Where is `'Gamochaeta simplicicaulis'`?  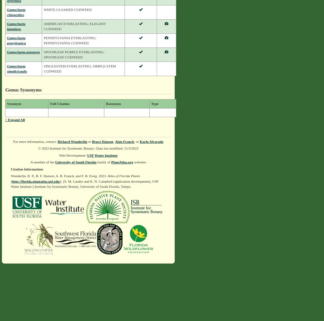 'Gamochaeta simplicicaulis' is located at coordinates (16, 68).